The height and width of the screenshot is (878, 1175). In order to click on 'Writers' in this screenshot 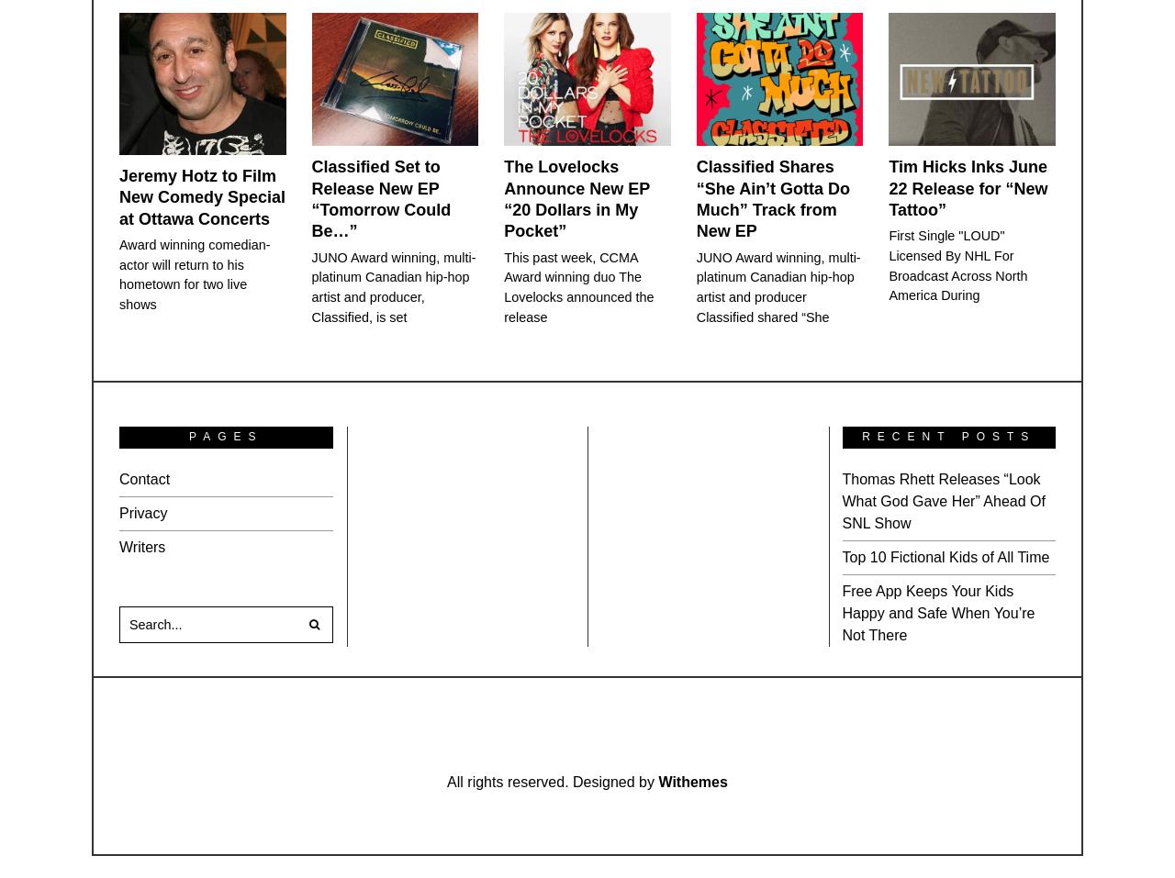, I will do `click(118, 545)`.